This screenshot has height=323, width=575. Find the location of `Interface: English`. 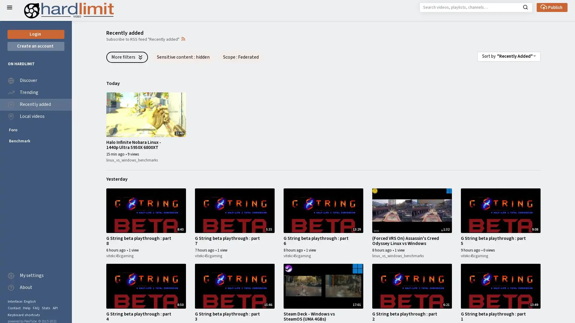

Interface: English is located at coordinates (22, 301).